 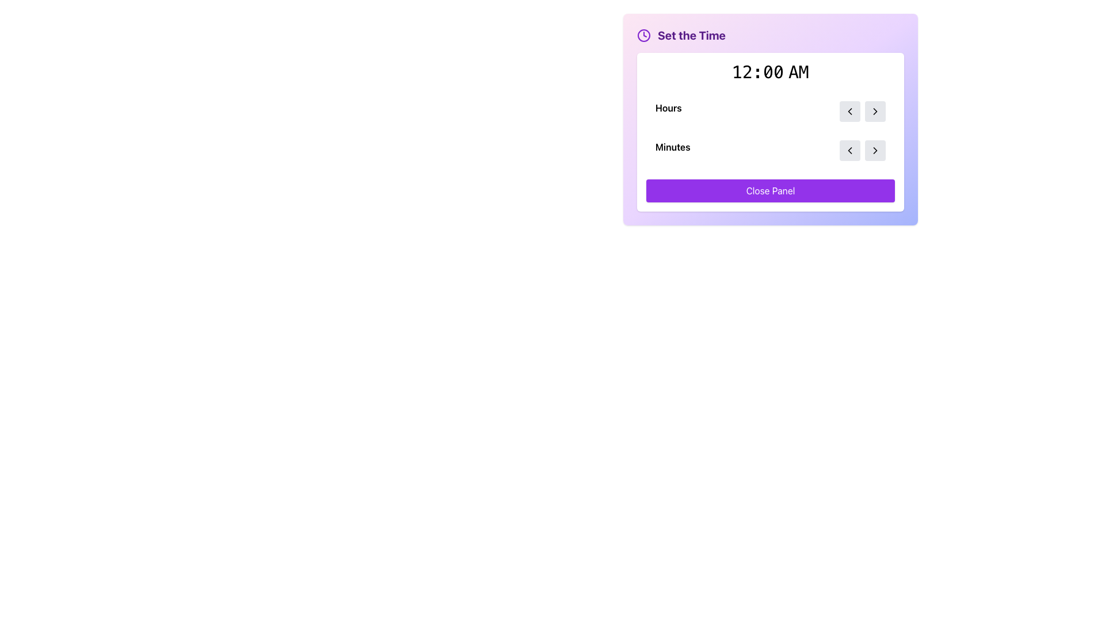 I want to click on the decrement button for the 'Minutes' field to observe a change in background color, so click(x=850, y=150).